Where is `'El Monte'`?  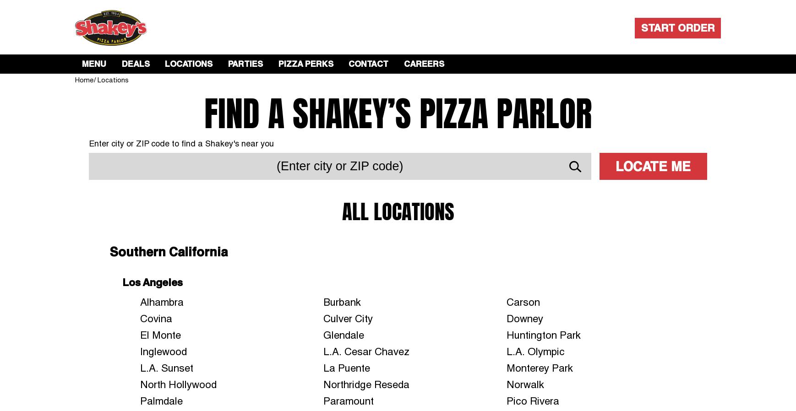
'El Monte' is located at coordinates (160, 335).